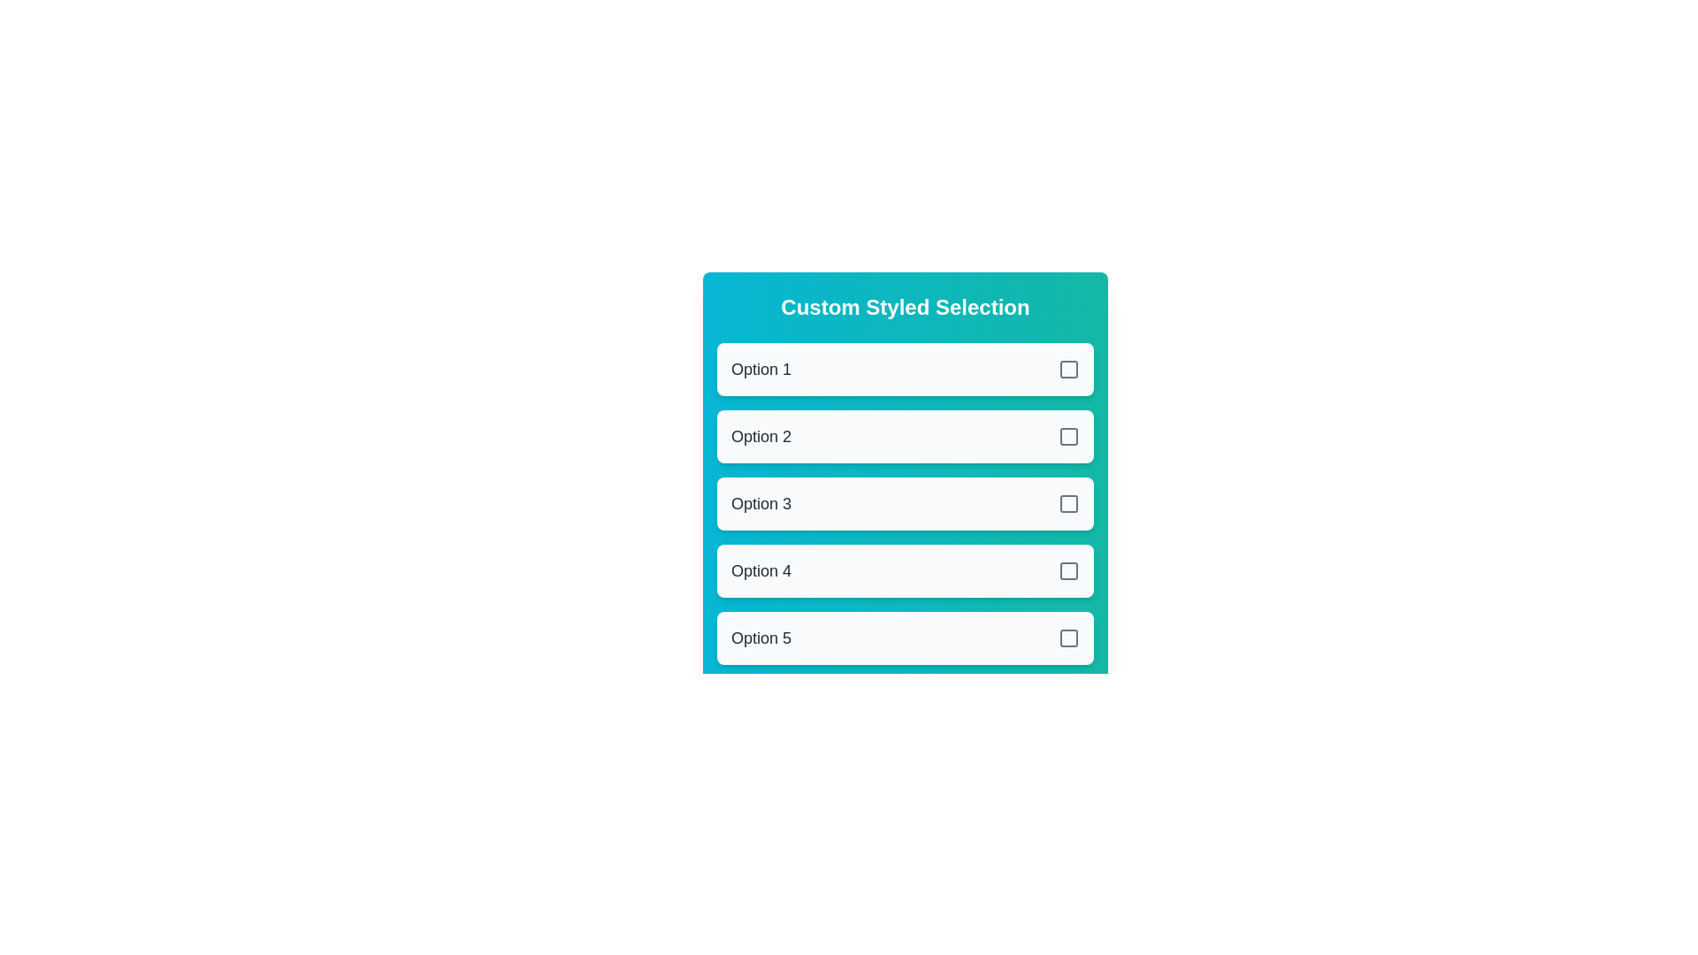  Describe the element at coordinates (905, 570) in the screenshot. I see `the option 4 from the list` at that location.